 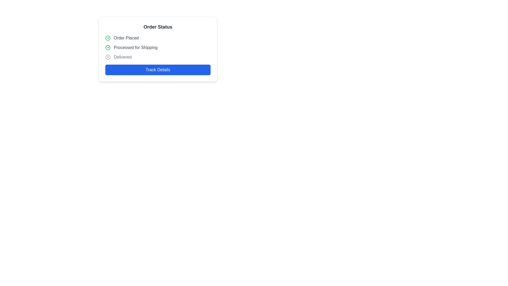 I want to click on the blue button labeled 'Track Details' at the bottom of the card, so click(x=157, y=69).